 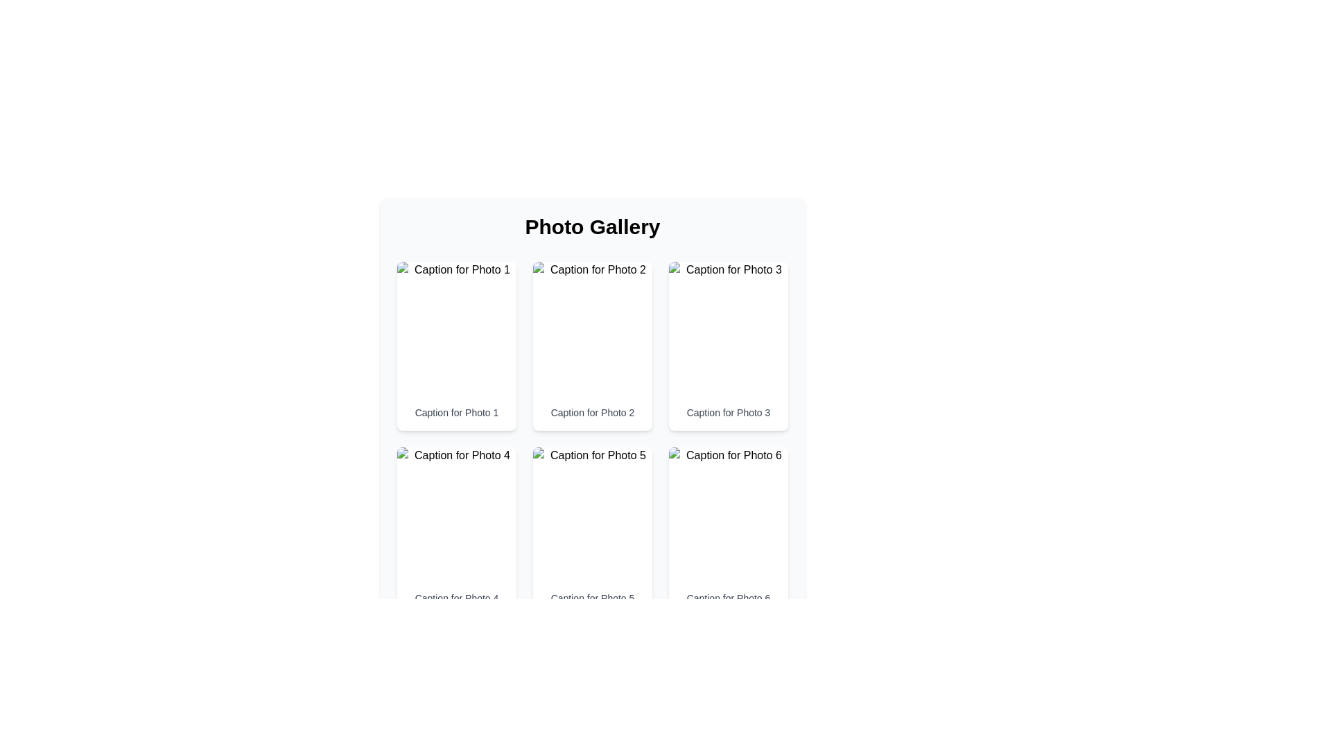 What do you see at coordinates (456, 346) in the screenshot?
I see `the first card in the top-left corner of the grid layout` at bounding box center [456, 346].